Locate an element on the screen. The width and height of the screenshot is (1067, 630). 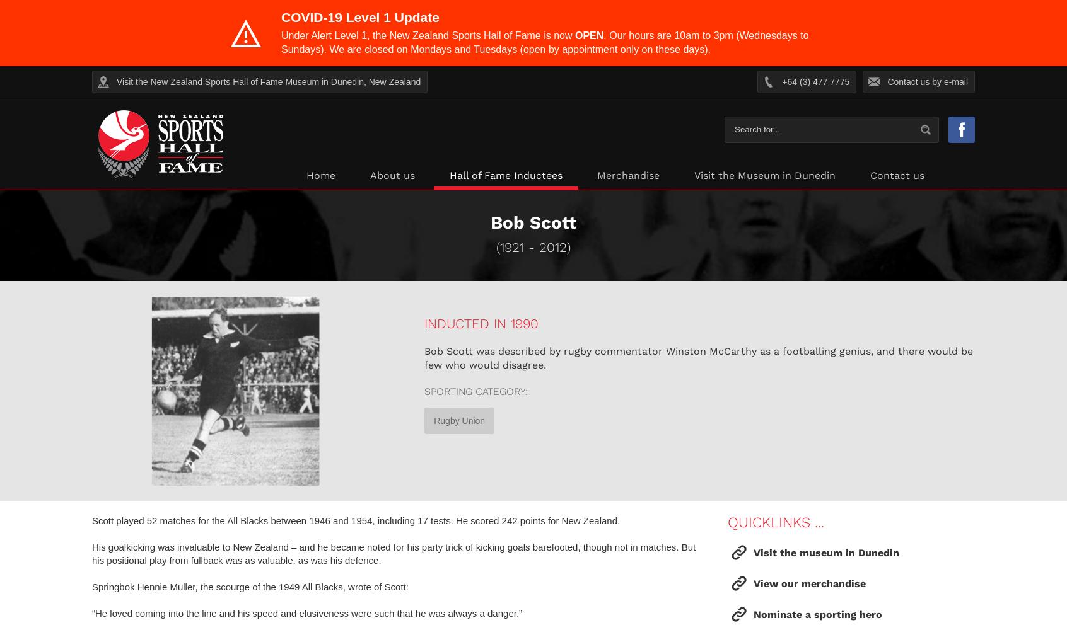
'(1921 - 2012)' is located at coordinates (533, 247).